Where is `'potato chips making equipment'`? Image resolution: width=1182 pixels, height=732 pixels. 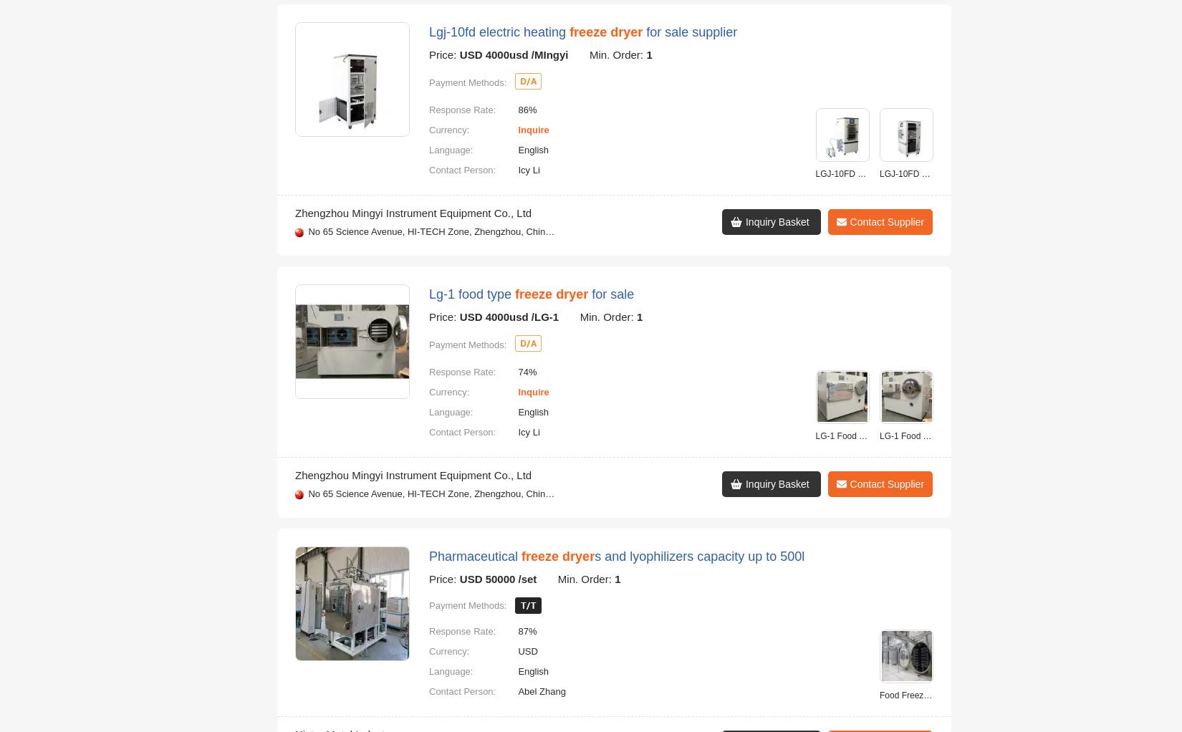 'potato chips making equipment' is located at coordinates (746, 518).